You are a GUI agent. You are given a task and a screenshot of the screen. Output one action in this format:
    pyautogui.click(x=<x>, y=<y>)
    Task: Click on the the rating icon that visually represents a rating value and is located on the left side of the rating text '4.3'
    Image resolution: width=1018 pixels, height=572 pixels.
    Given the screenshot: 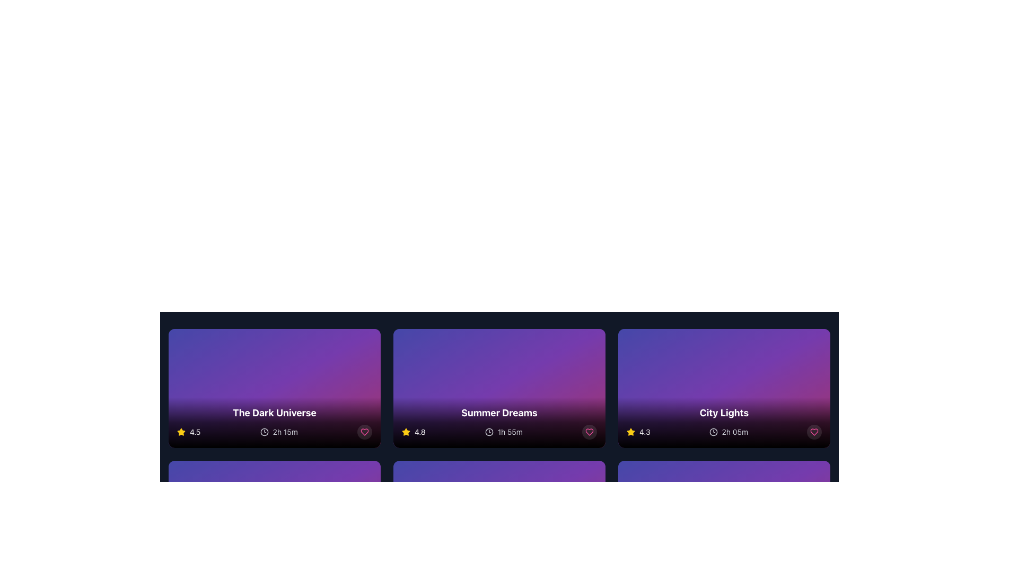 What is the action you would take?
    pyautogui.click(x=631, y=432)
    